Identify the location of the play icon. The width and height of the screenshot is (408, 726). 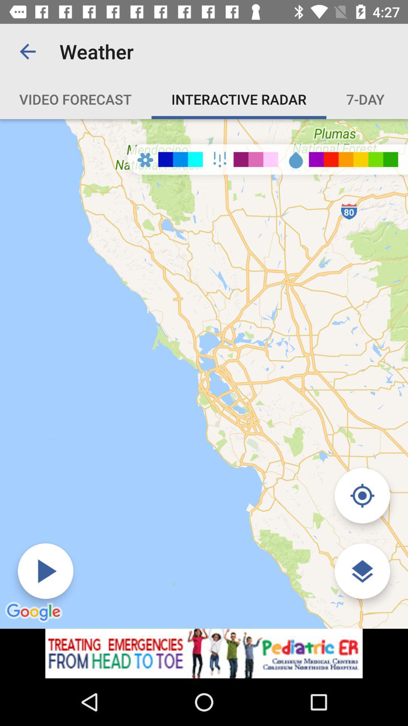
(45, 571).